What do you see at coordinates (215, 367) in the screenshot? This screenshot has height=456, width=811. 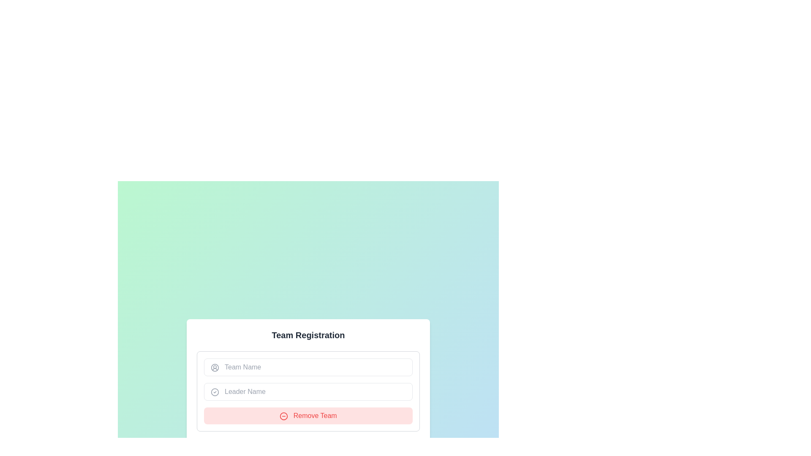 I see `the user icon, which is a circular shape with a smaller circle inside, located at the top-left corner of the 'Team Name' text input field` at bounding box center [215, 367].